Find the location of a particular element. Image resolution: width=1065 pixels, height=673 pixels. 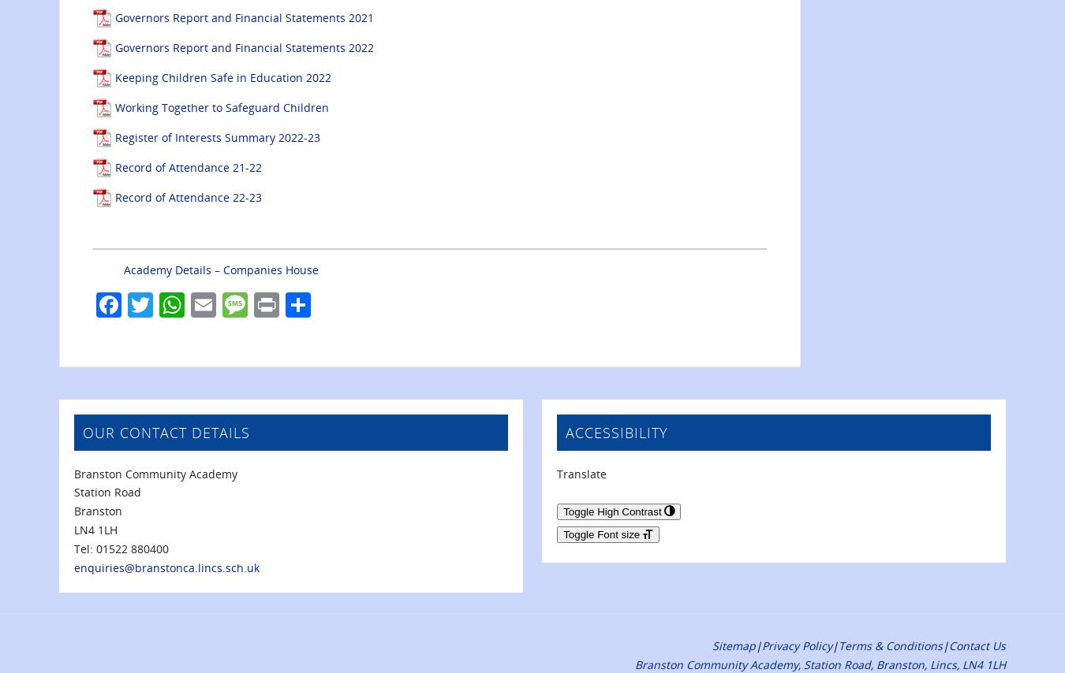

'Tel: 01522 880400' is located at coordinates (121, 547).